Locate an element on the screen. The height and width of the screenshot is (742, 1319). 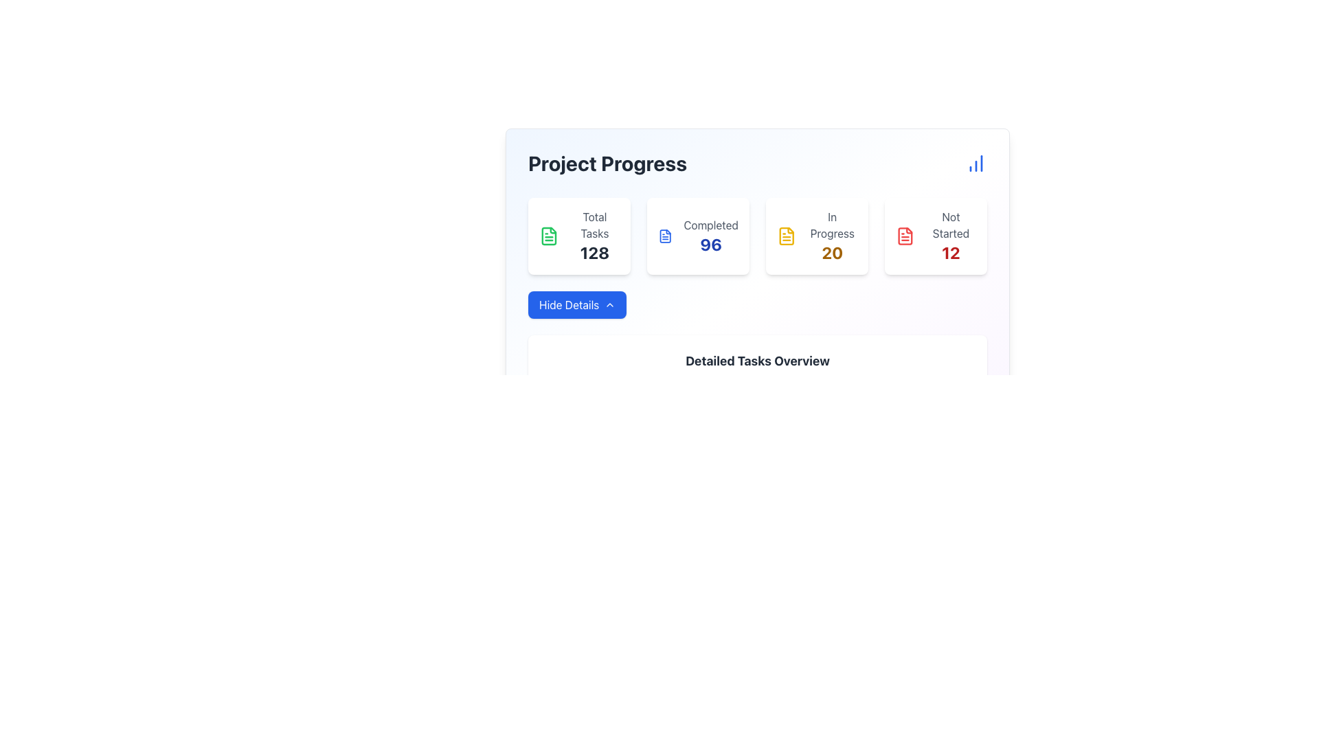
text displayed in the Static Text Display located in the top-right segment of the 'Project Progress' section, which summarizes the number of completed tasks in the project is located at coordinates (711, 235).